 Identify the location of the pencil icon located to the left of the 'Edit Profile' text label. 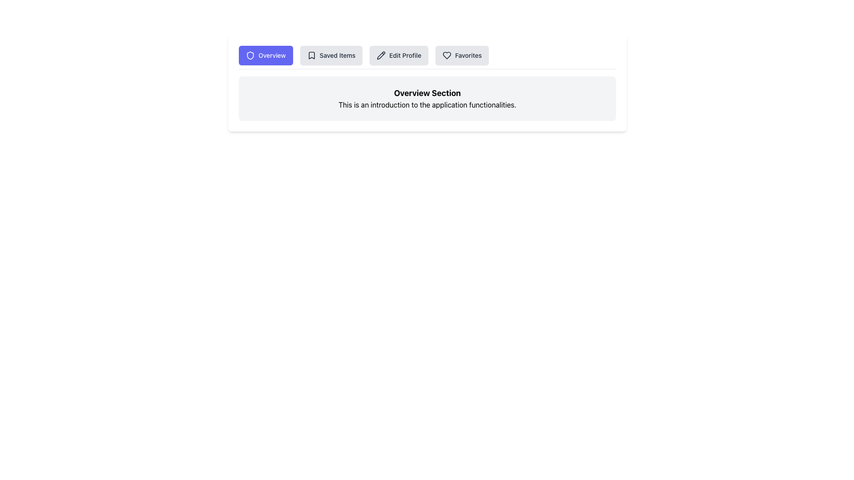
(381, 55).